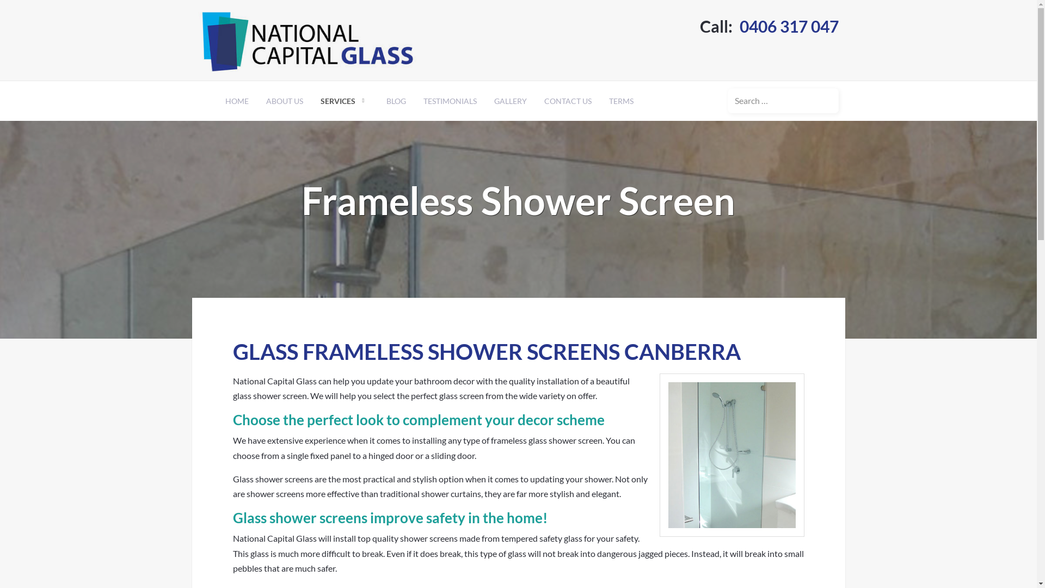 This screenshot has width=1045, height=588. I want to click on 'BLOG', so click(396, 101).